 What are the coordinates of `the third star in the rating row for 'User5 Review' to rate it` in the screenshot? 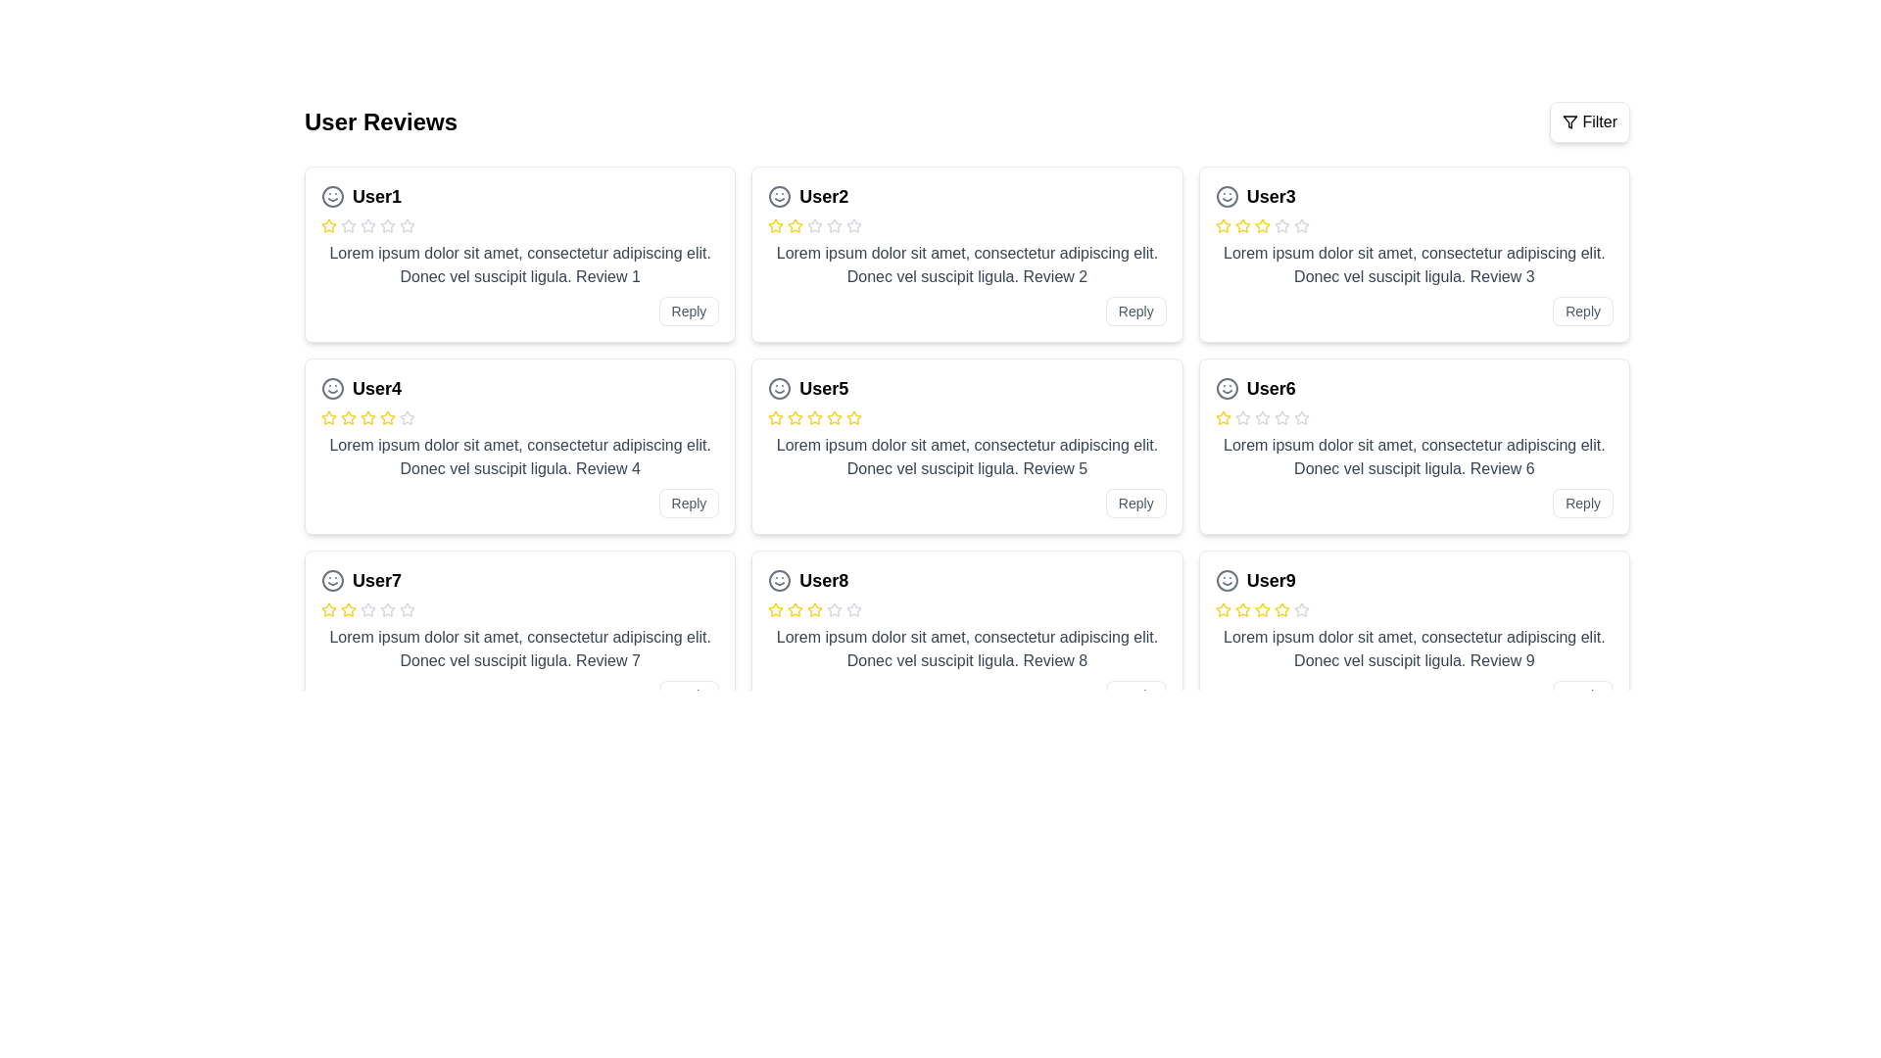 It's located at (815, 416).